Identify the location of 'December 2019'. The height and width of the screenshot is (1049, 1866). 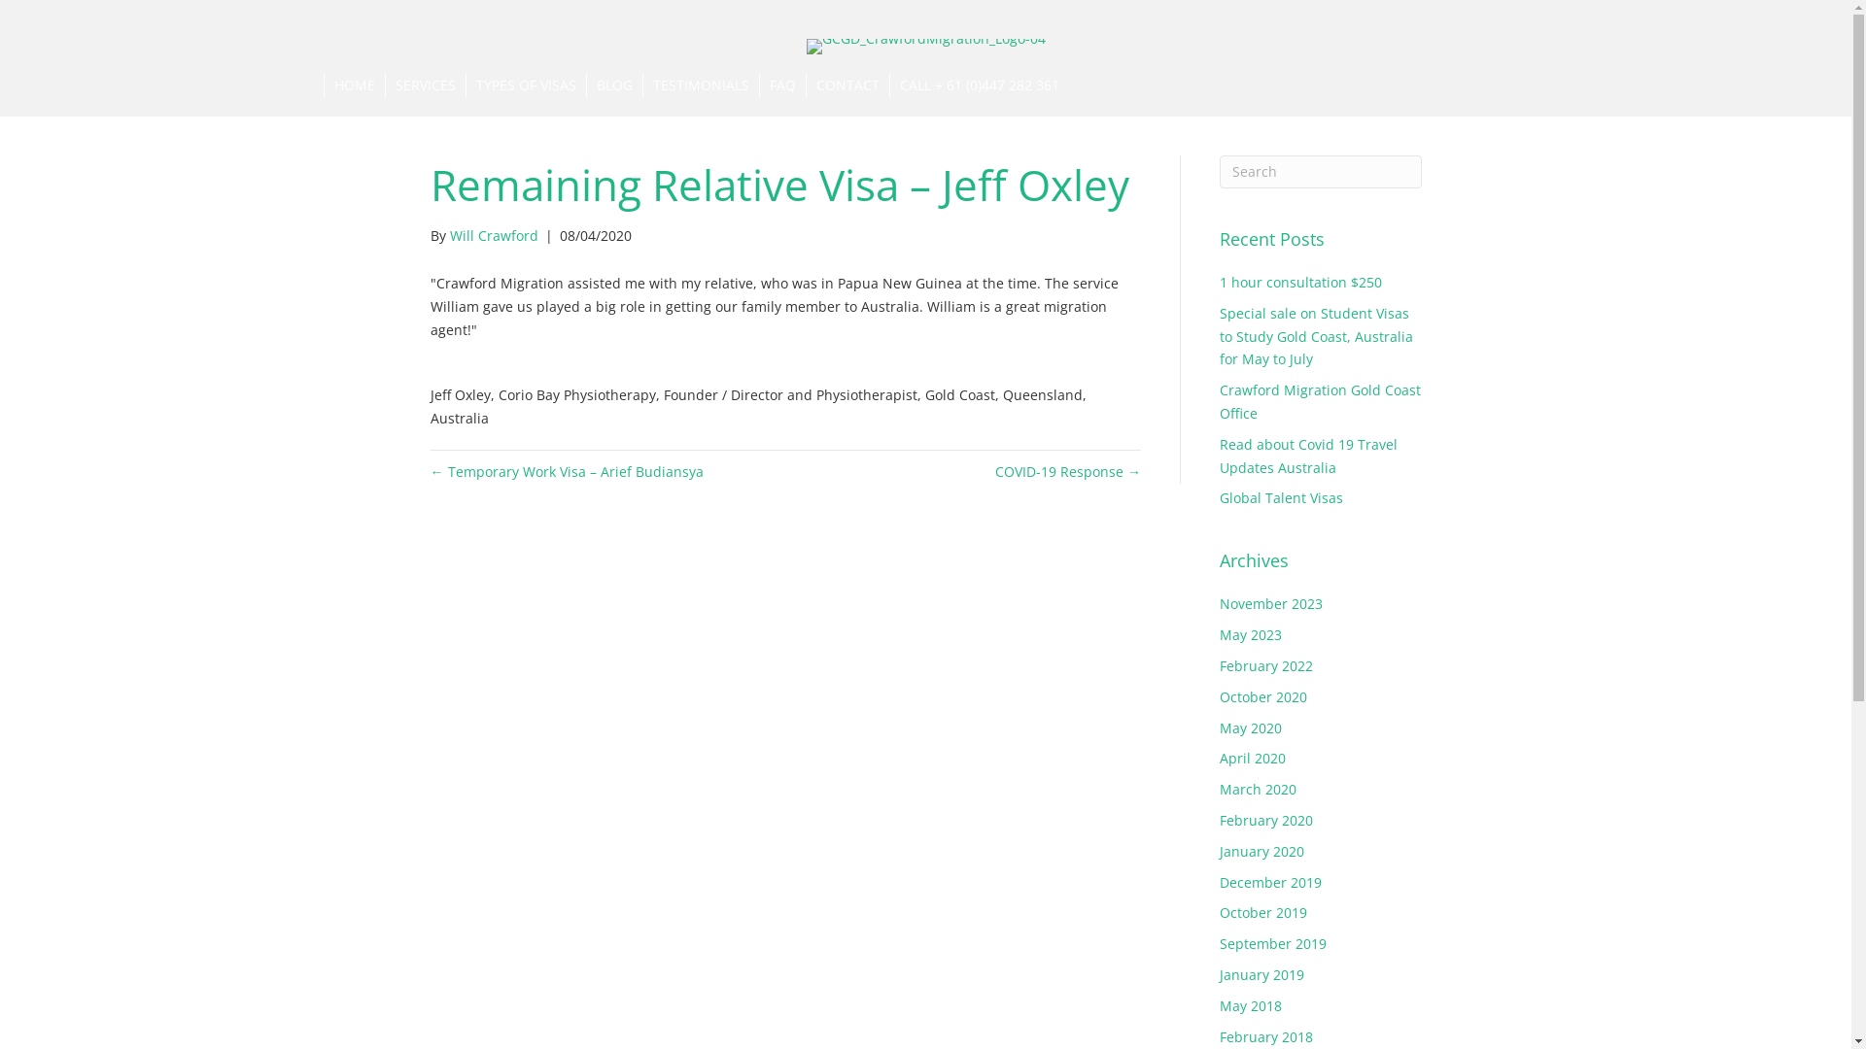
(1270, 882).